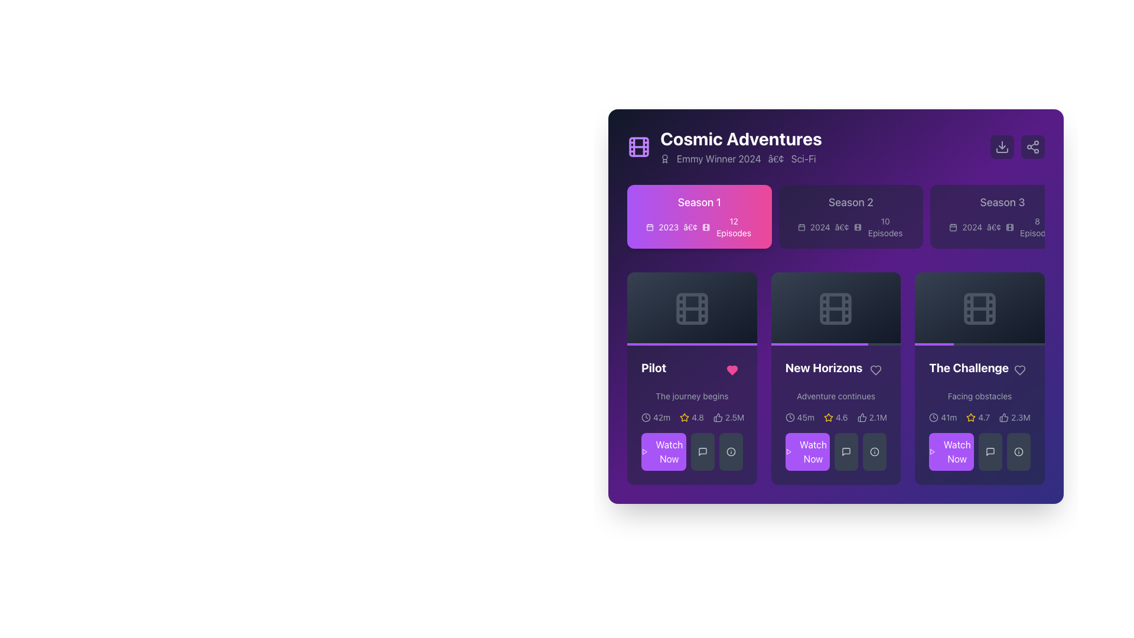 This screenshot has width=1134, height=638. I want to click on the SVG circle element that represents the clock icon, located at the top-left corner of the 'Season 1' interface card, so click(790, 416).